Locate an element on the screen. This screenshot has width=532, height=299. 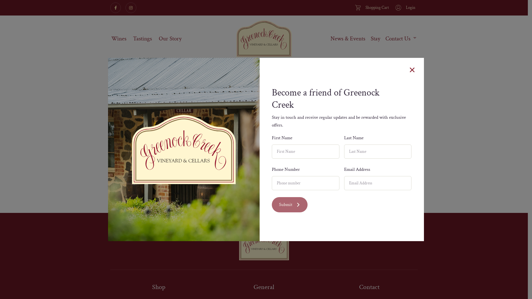
'Shopping Cart' is located at coordinates (371, 7).